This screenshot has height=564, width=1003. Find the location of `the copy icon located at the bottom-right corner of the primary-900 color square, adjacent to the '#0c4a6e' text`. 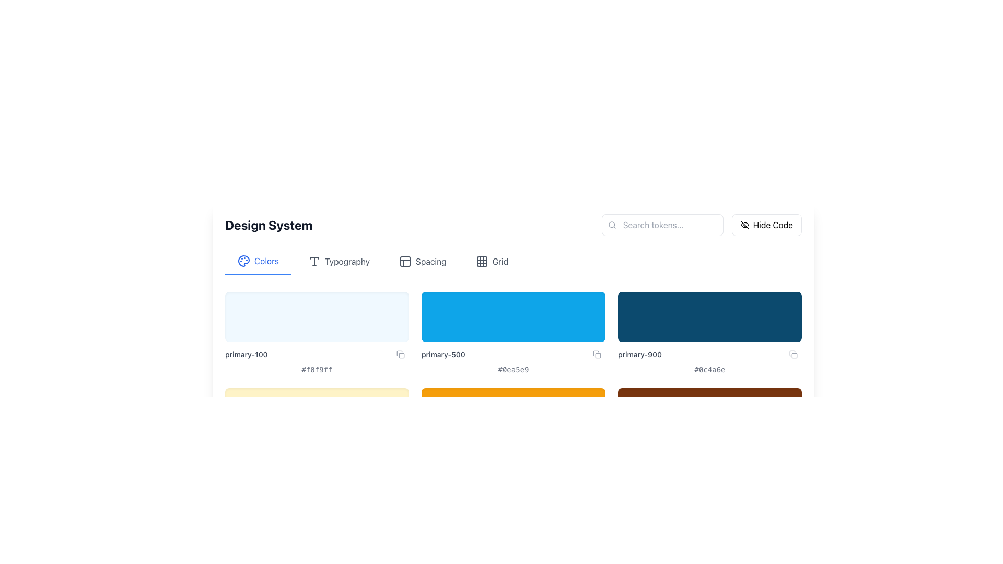

the copy icon located at the bottom-right corner of the primary-900 color square, adjacent to the '#0c4a6e' text is located at coordinates (793, 354).